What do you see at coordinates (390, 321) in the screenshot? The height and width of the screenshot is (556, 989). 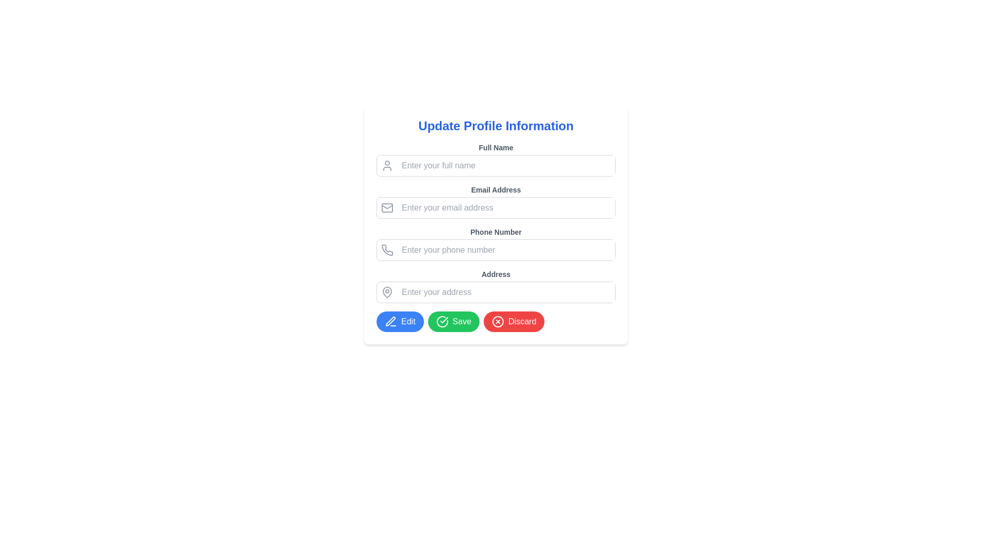 I see `the pen icon within the blue circular 'Edit' button located in the leftmost section of the bottom action button group to initiate an edit action` at bounding box center [390, 321].